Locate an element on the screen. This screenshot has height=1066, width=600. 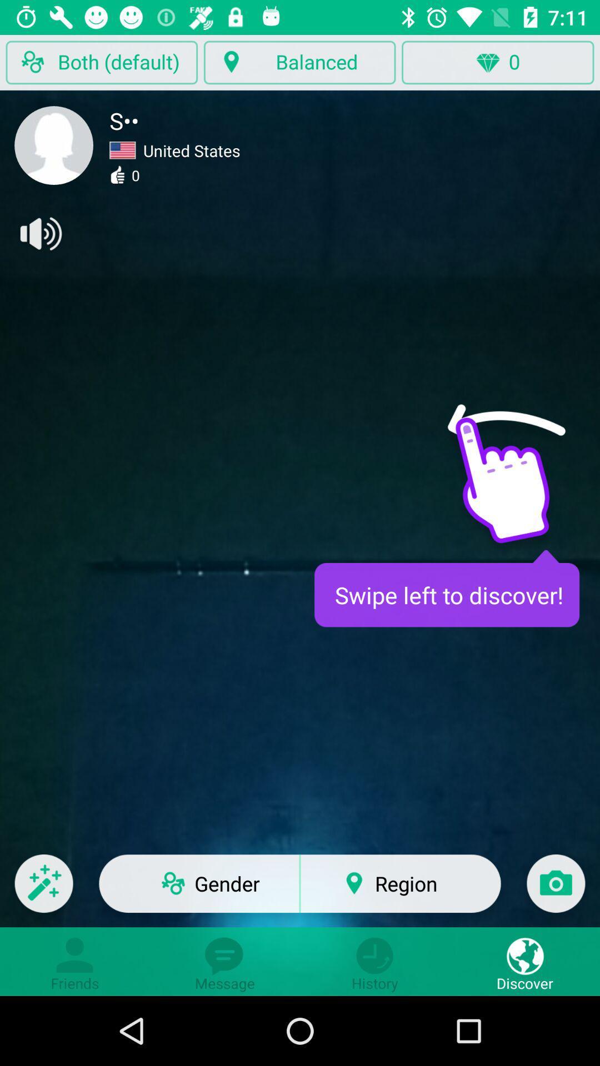
icon above the discover icon is located at coordinates (556, 891).